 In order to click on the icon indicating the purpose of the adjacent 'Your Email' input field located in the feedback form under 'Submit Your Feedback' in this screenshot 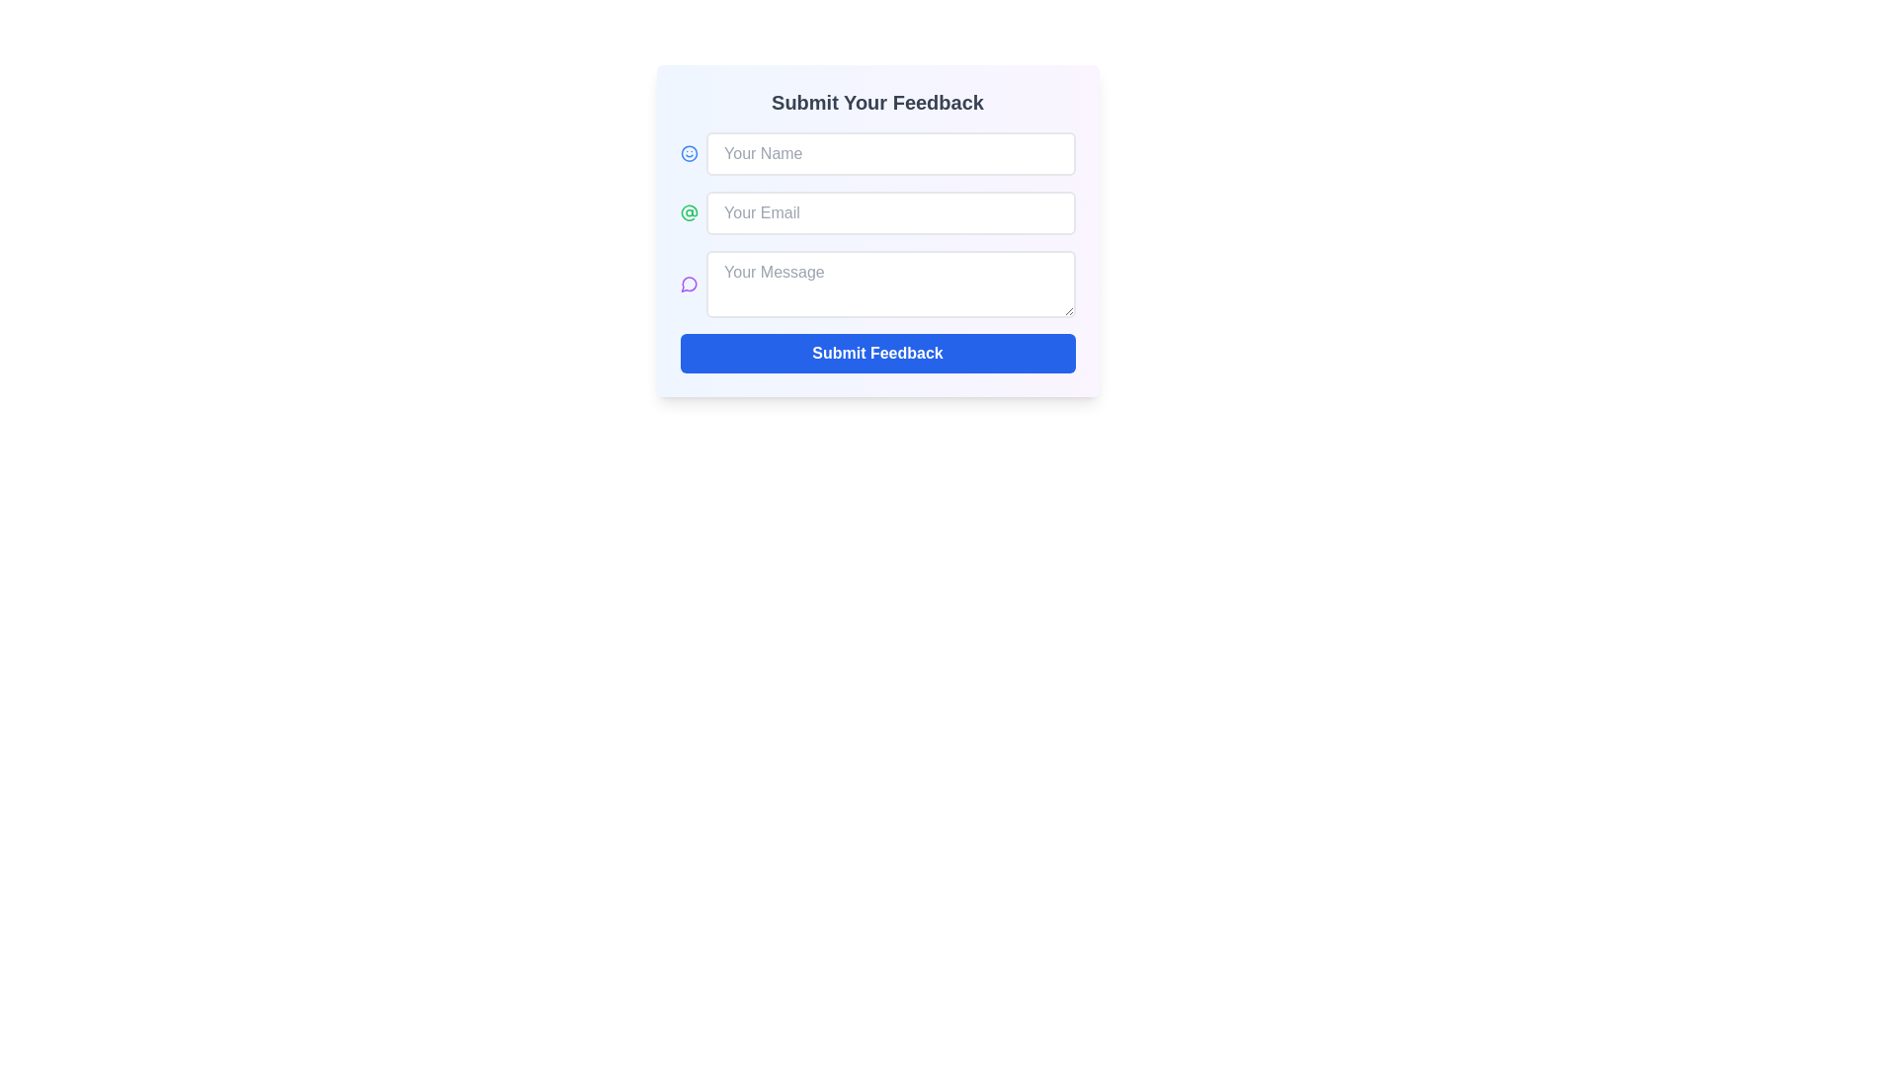, I will do `click(689, 213)`.